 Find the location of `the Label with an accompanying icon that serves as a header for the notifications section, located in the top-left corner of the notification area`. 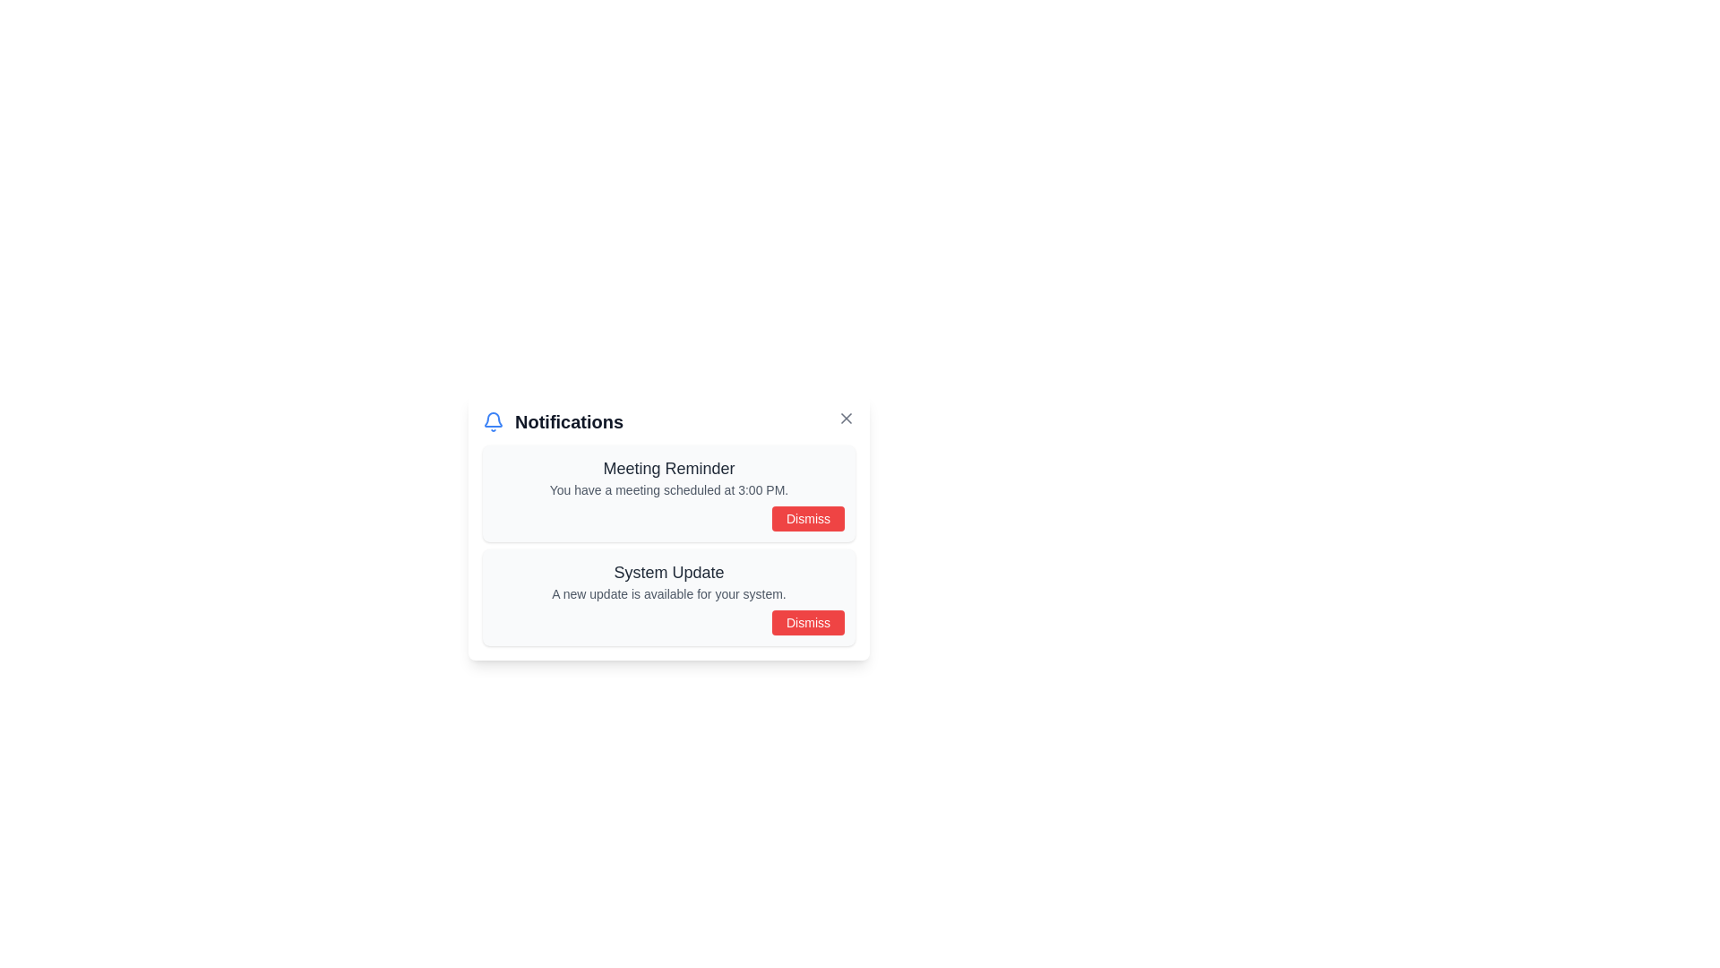

the Label with an accompanying icon that serves as a header for the notifications section, located in the top-left corner of the notification area is located at coordinates (552, 421).